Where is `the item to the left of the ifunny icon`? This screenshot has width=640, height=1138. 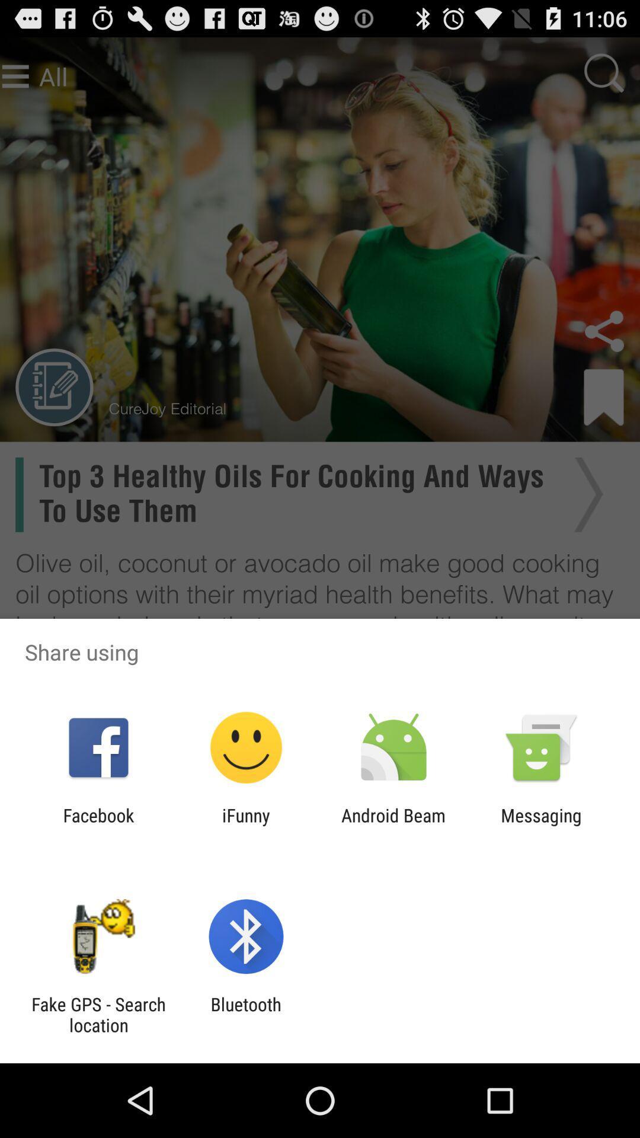
the item to the left of the ifunny icon is located at coordinates (98, 825).